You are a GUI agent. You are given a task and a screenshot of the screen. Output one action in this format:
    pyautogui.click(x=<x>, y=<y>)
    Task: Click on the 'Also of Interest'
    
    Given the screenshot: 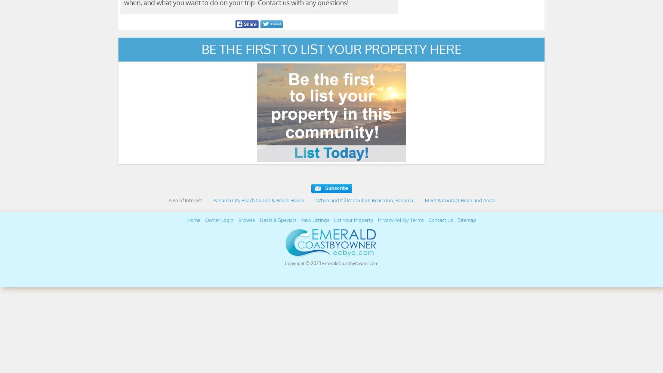 What is the action you would take?
    pyautogui.click(x=185, y=200)
    